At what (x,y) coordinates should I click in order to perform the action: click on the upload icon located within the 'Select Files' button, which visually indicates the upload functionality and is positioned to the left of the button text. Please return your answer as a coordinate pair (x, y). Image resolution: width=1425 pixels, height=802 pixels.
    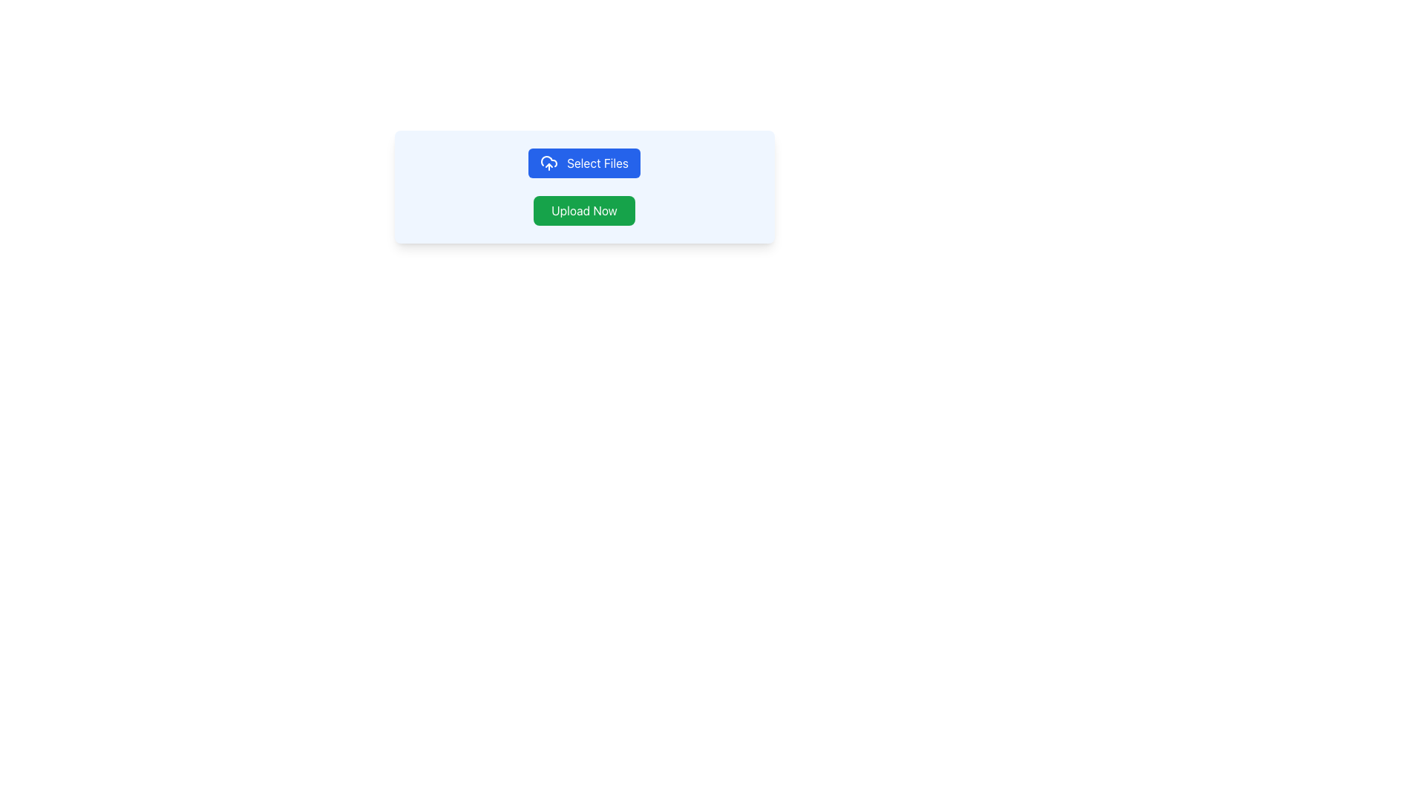
    Looking at the image, I should click on (548, 163).